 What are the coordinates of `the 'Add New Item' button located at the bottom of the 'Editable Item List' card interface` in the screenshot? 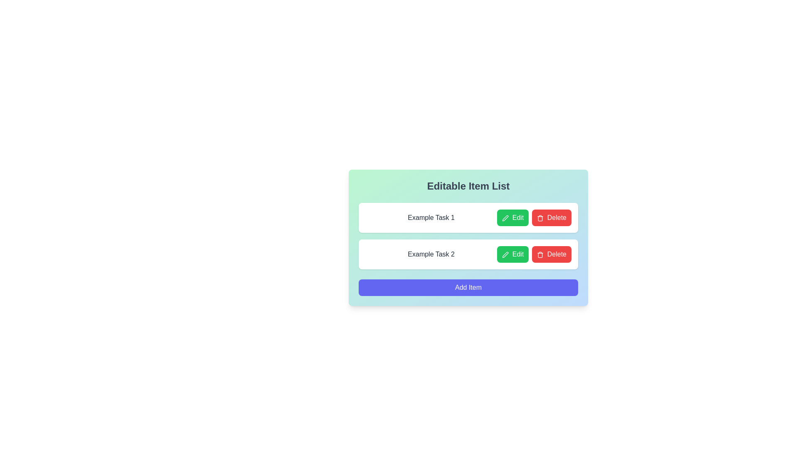 It's located at (468, 287).